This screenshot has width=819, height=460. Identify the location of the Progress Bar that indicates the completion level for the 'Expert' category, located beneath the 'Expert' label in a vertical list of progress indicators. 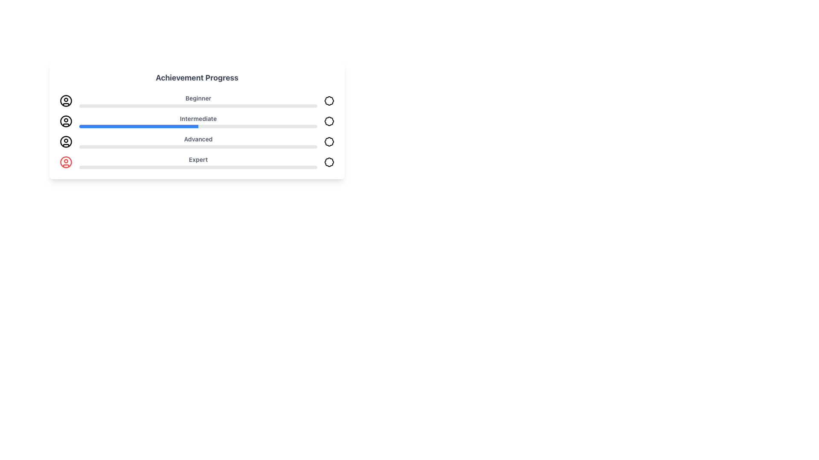
(198, 167).